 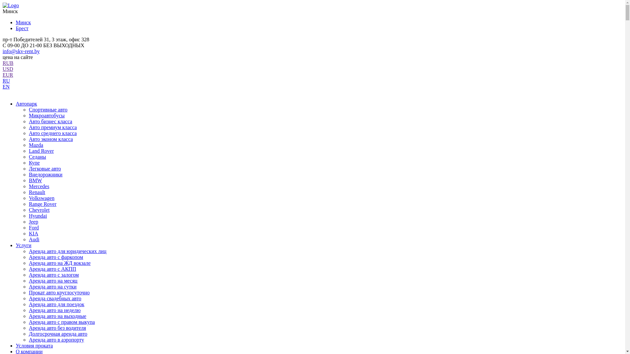 What do you see at coordinates (34, 239) in the screenshot?
I see `'Audi'` at bounding box center [34, 239].